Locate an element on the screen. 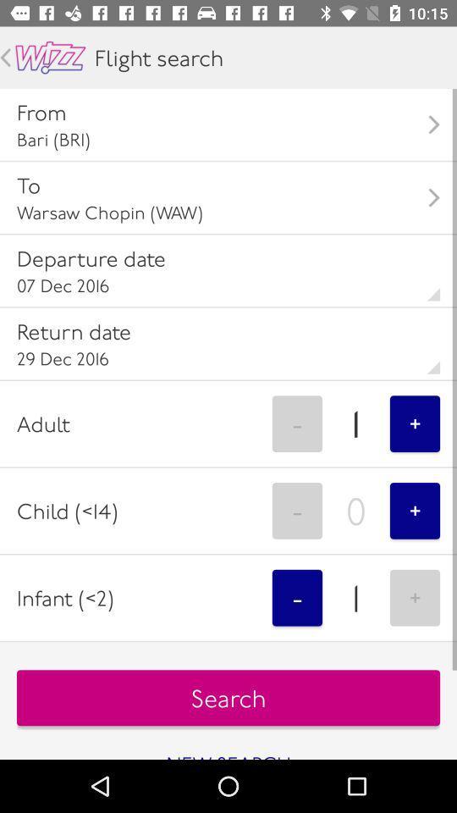  the - icon is located at coordinates (296, 510).